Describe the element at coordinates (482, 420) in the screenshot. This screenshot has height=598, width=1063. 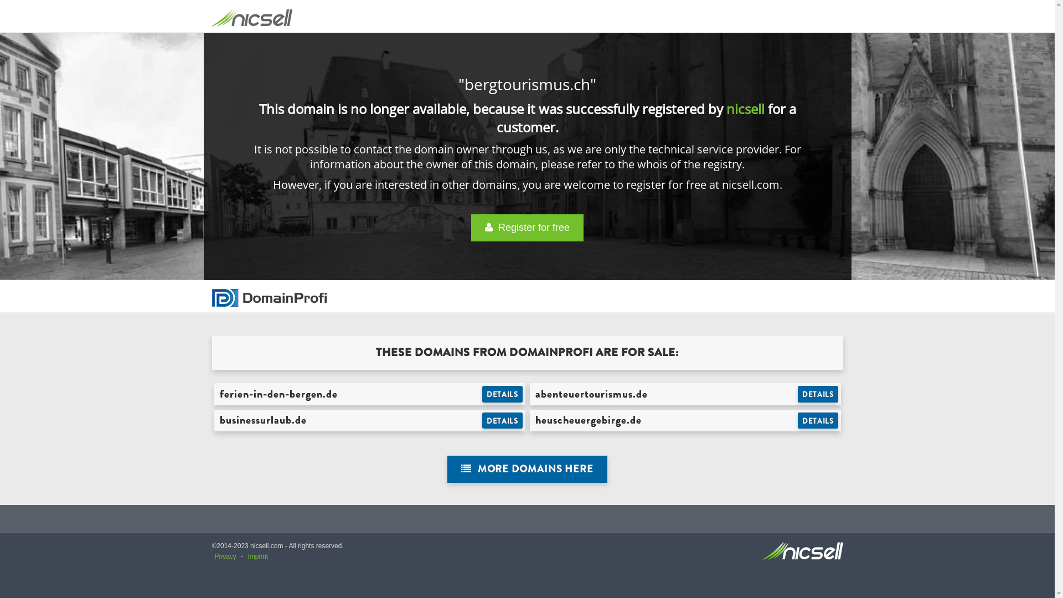
I see `'DETAILS'` at that location.